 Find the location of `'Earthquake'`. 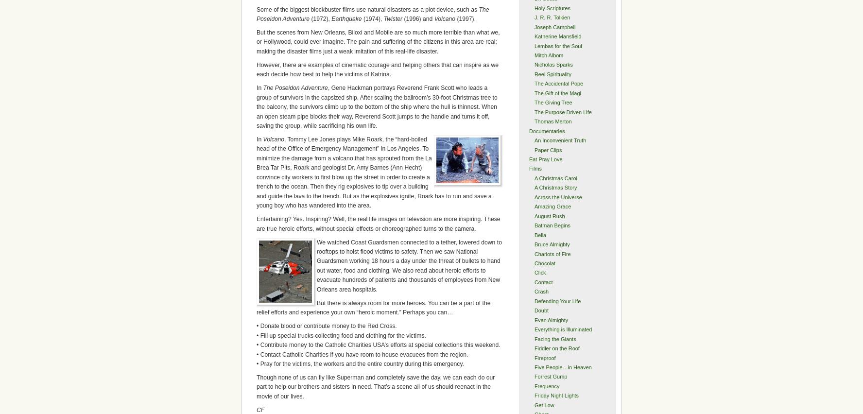

'Earthquake' is located at coordinates (346, 19).